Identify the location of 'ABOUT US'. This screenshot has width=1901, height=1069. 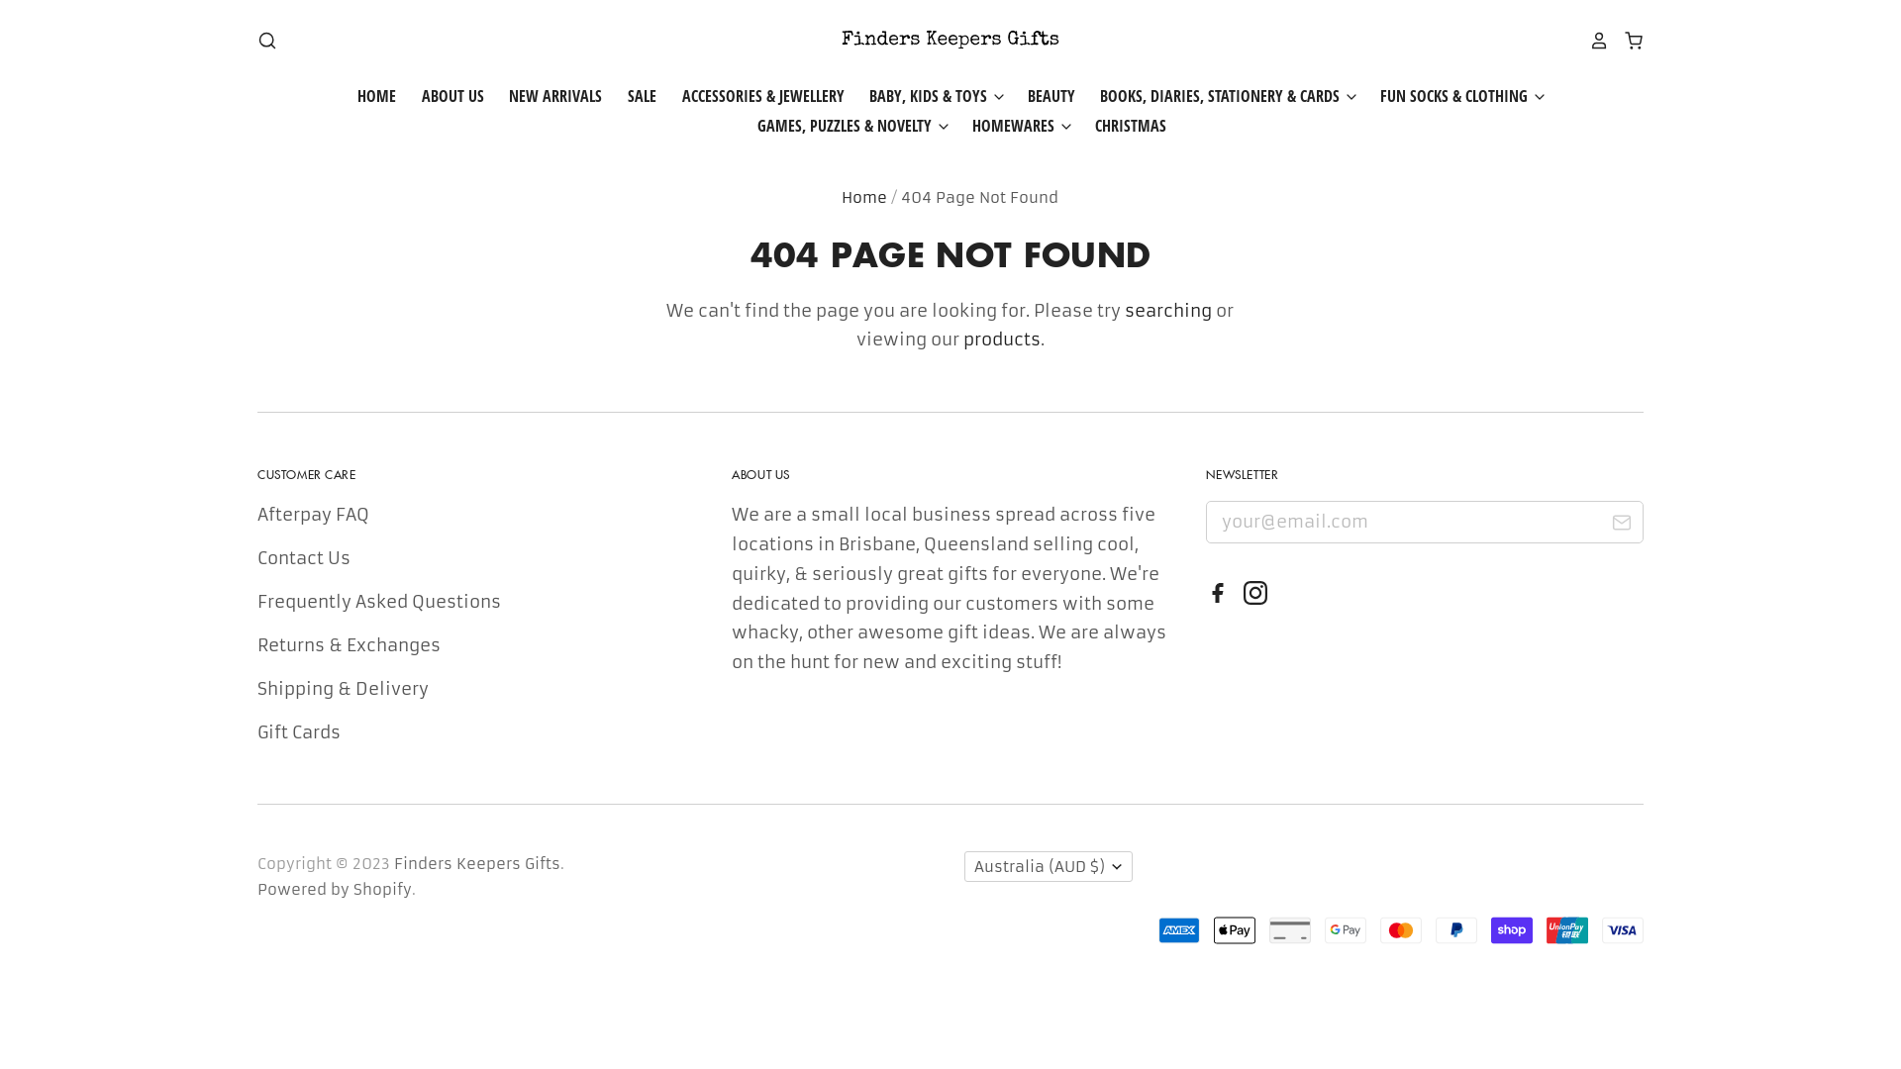
(440, 95).